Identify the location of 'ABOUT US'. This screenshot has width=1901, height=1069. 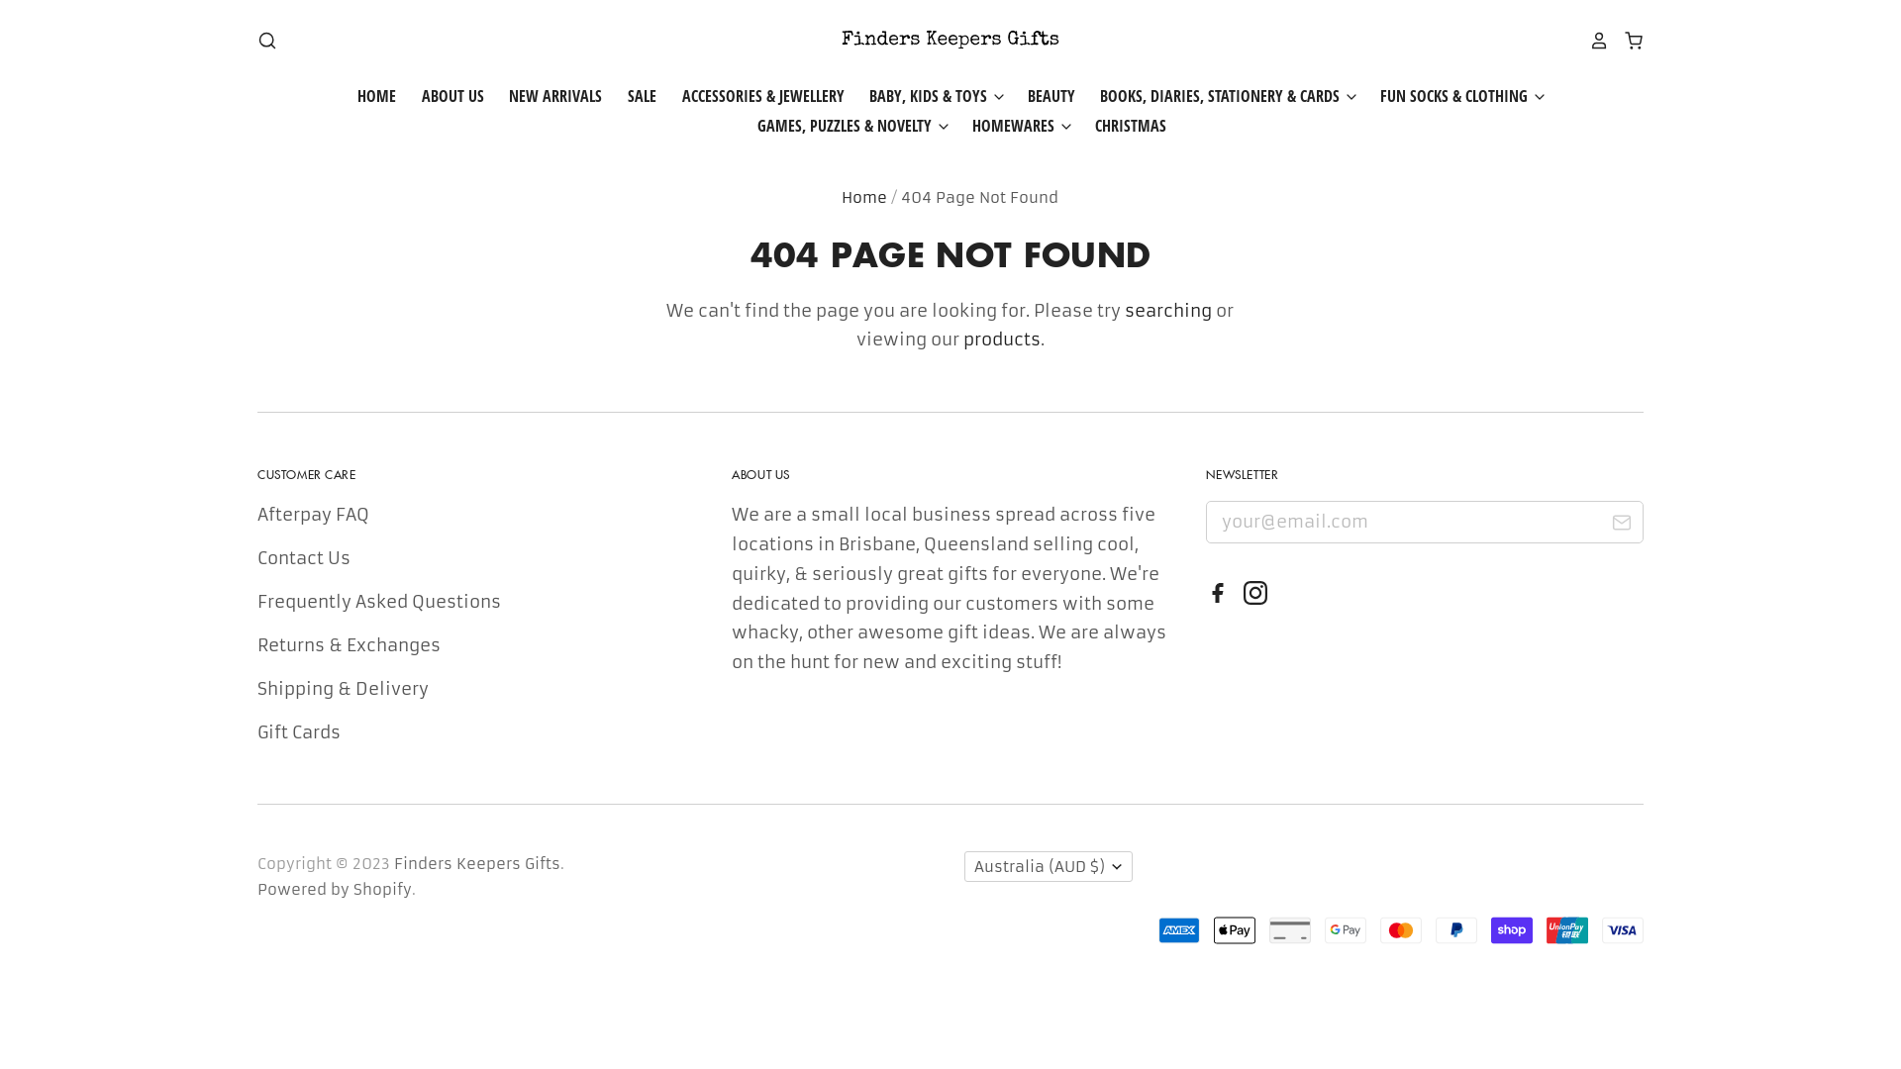
(440, 95).